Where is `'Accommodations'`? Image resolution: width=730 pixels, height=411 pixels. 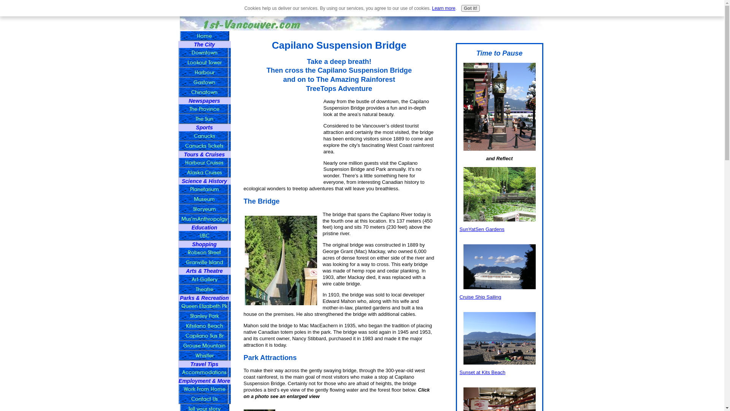
'Accommodations' is located at coordinates (204, 372).